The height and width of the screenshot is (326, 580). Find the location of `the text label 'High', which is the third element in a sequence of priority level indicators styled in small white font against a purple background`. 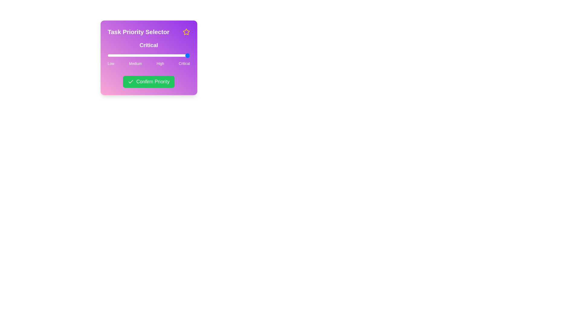

the text label 'High', which is the third element in a sequence of priority level indicators styled in small white font against a purple background is located at coordinates (160, 64).